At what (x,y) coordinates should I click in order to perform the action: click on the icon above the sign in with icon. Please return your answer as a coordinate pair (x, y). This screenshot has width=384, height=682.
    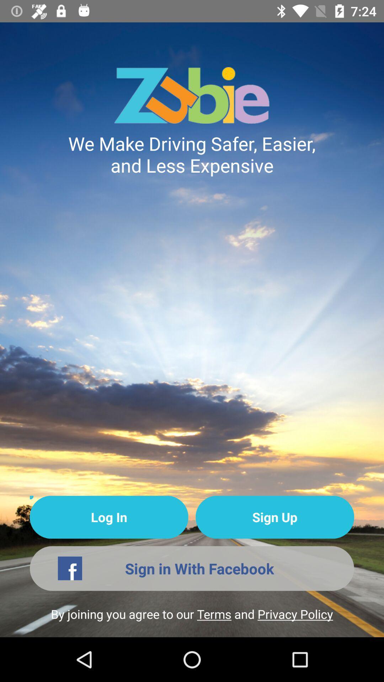
    Looking at the image, I should click on (109, 517).